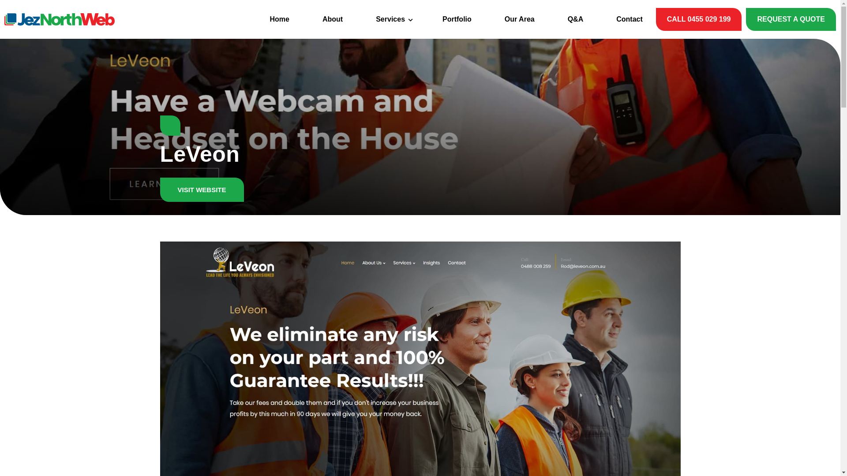 Image resolution: width=847 pixels, height=476 pixels. I want to click on 'Portfolio', so click(457, 19).